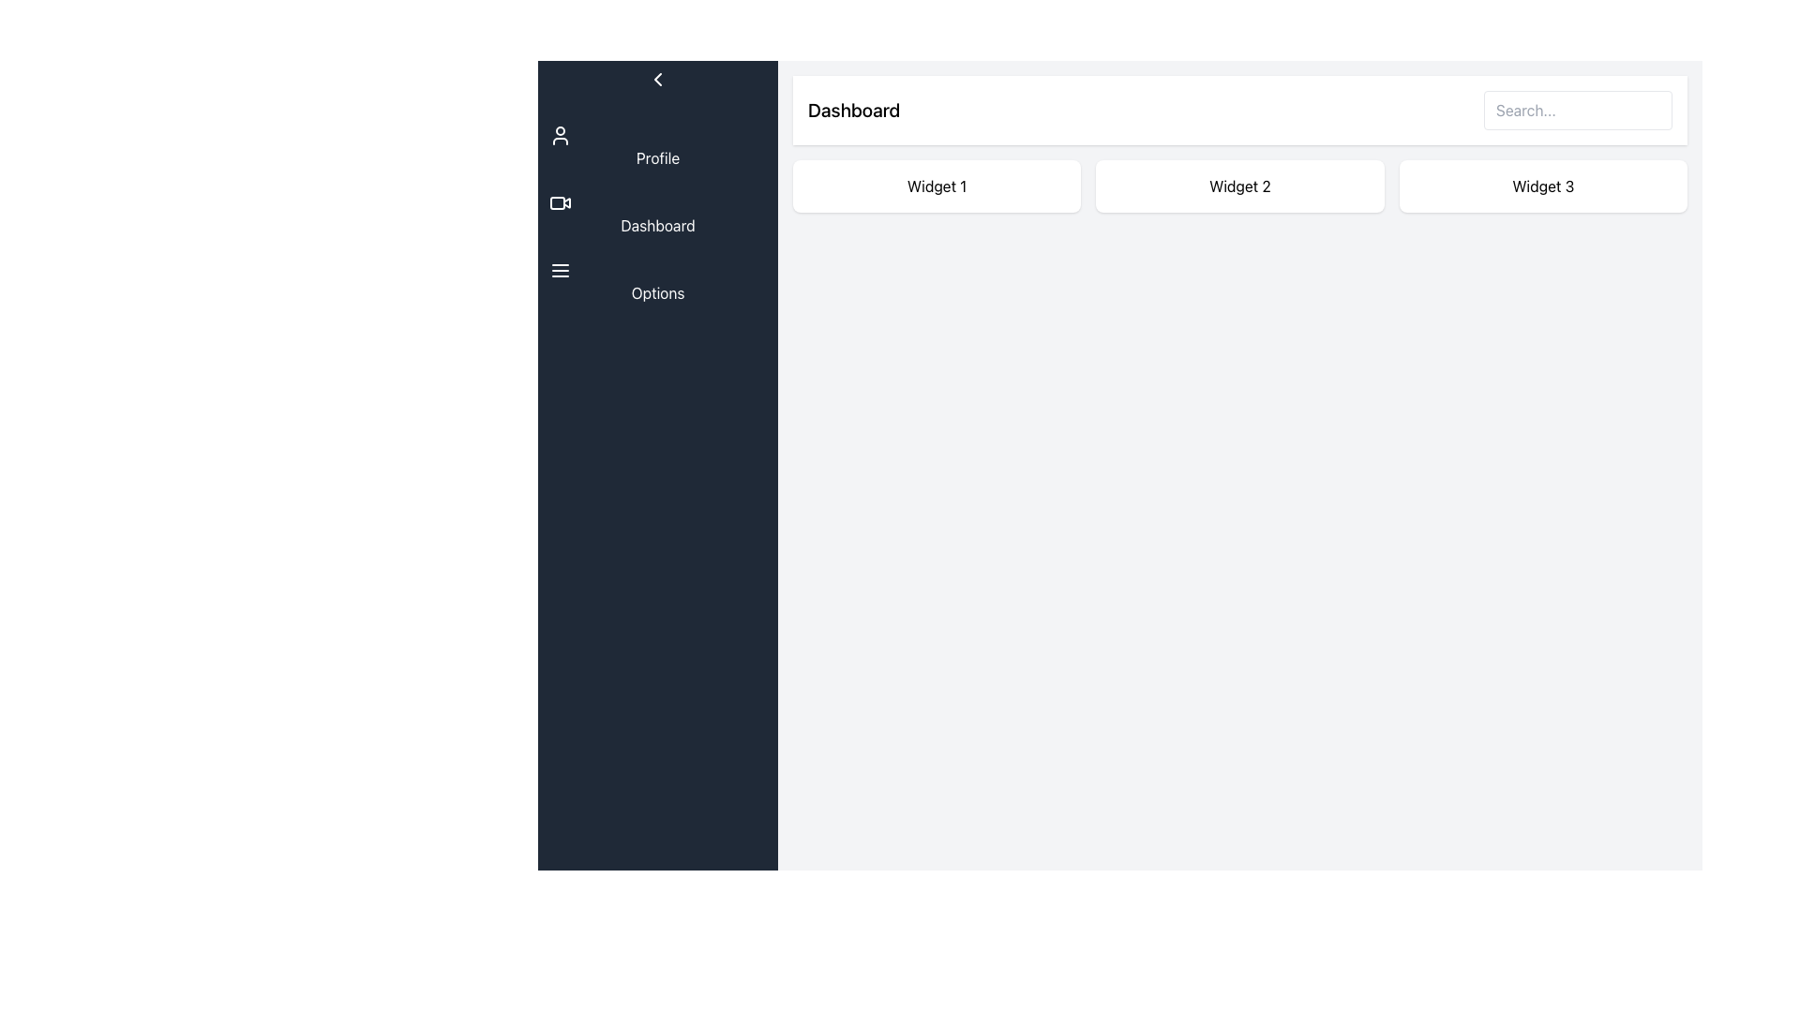 Image resolution: width=1800 pixels, height=1012 pixels. Describe the element at coordinates (937, 186) in the screenshot. I see `the rectangular box with a white background and centered text 'Widget 1' in black, located near the top left of the light gray content area` at that location.